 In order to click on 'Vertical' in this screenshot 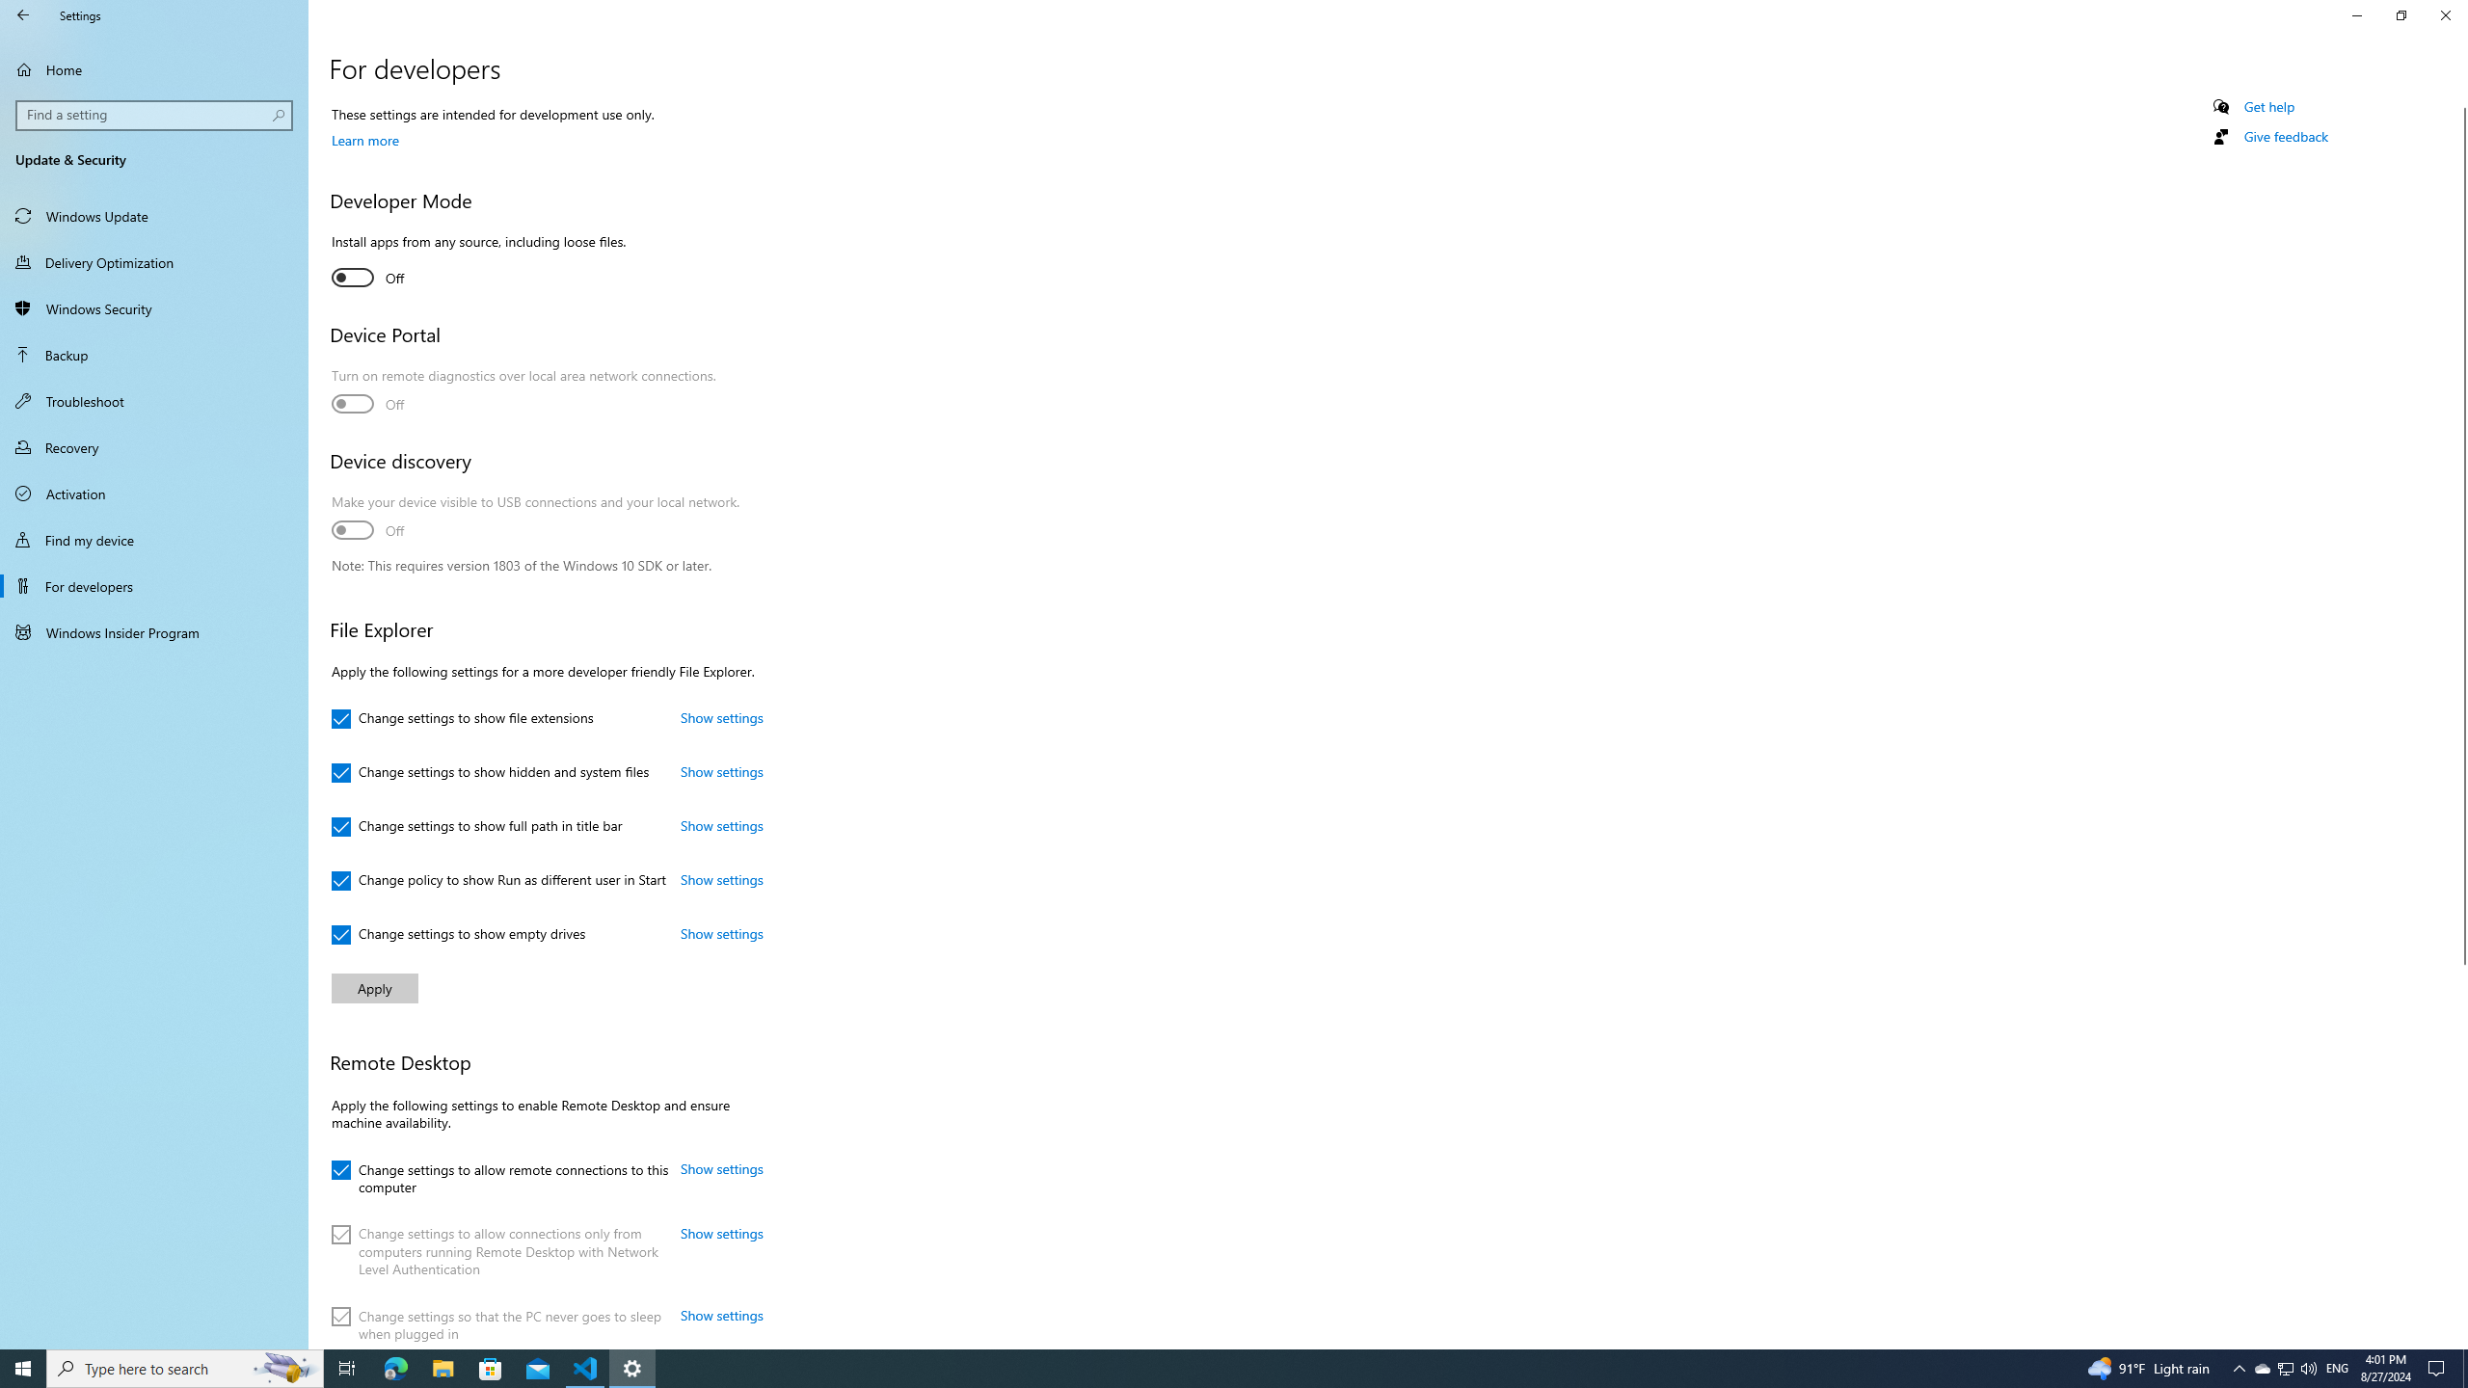, I will do `click(2459, 720)`.